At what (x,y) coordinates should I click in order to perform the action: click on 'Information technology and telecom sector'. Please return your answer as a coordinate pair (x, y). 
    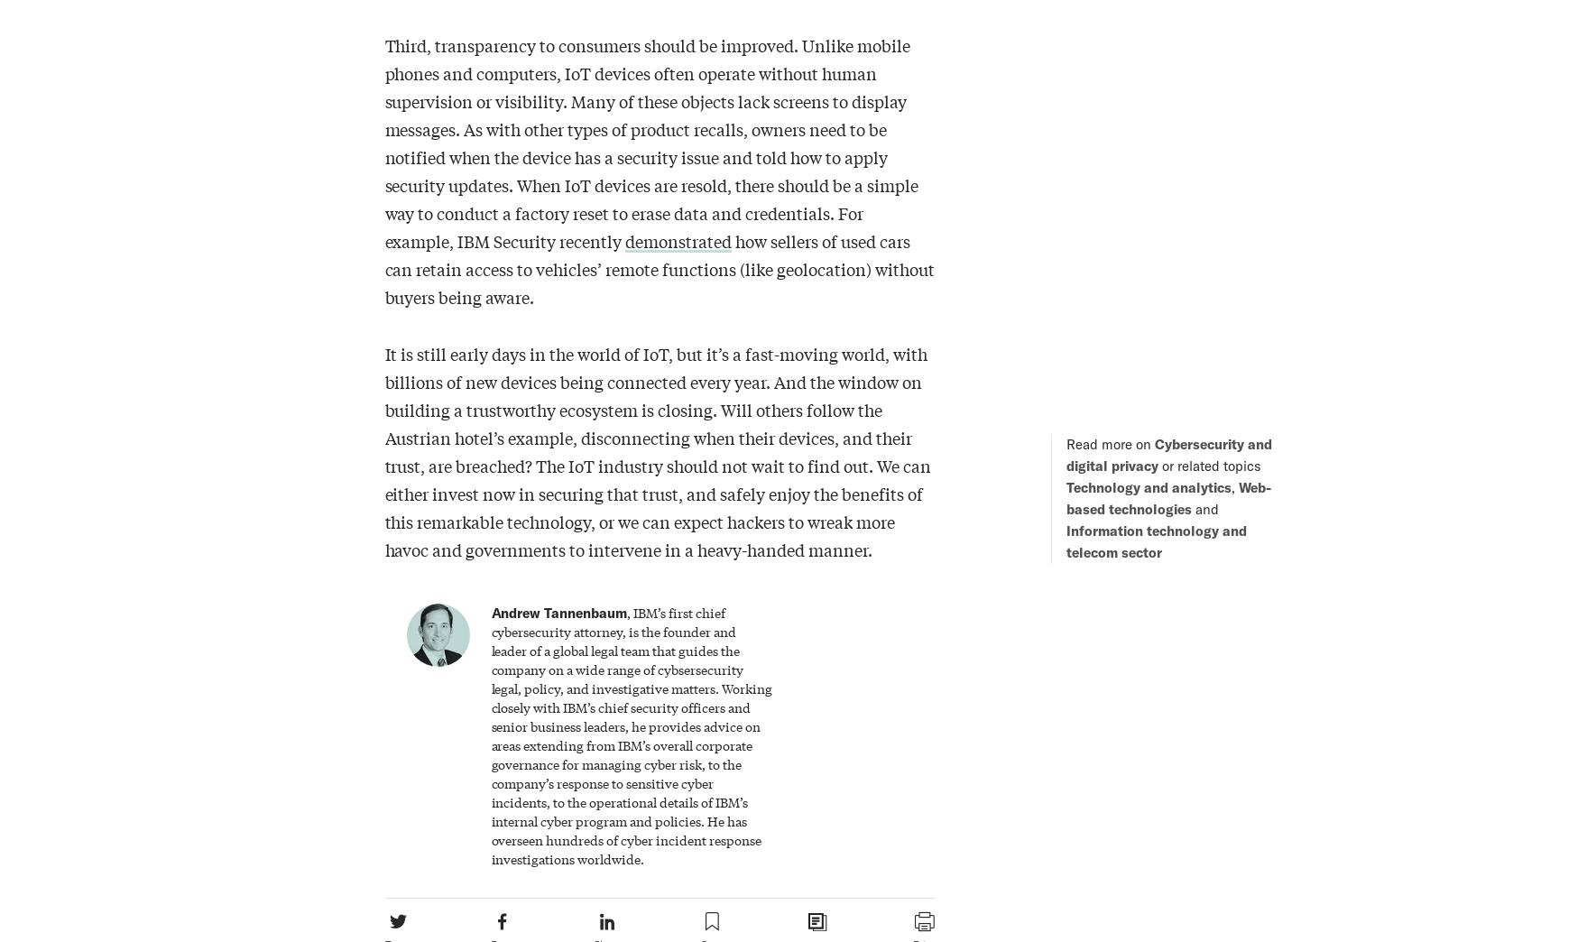
    Looking at the image, I should click on (1155, 540).